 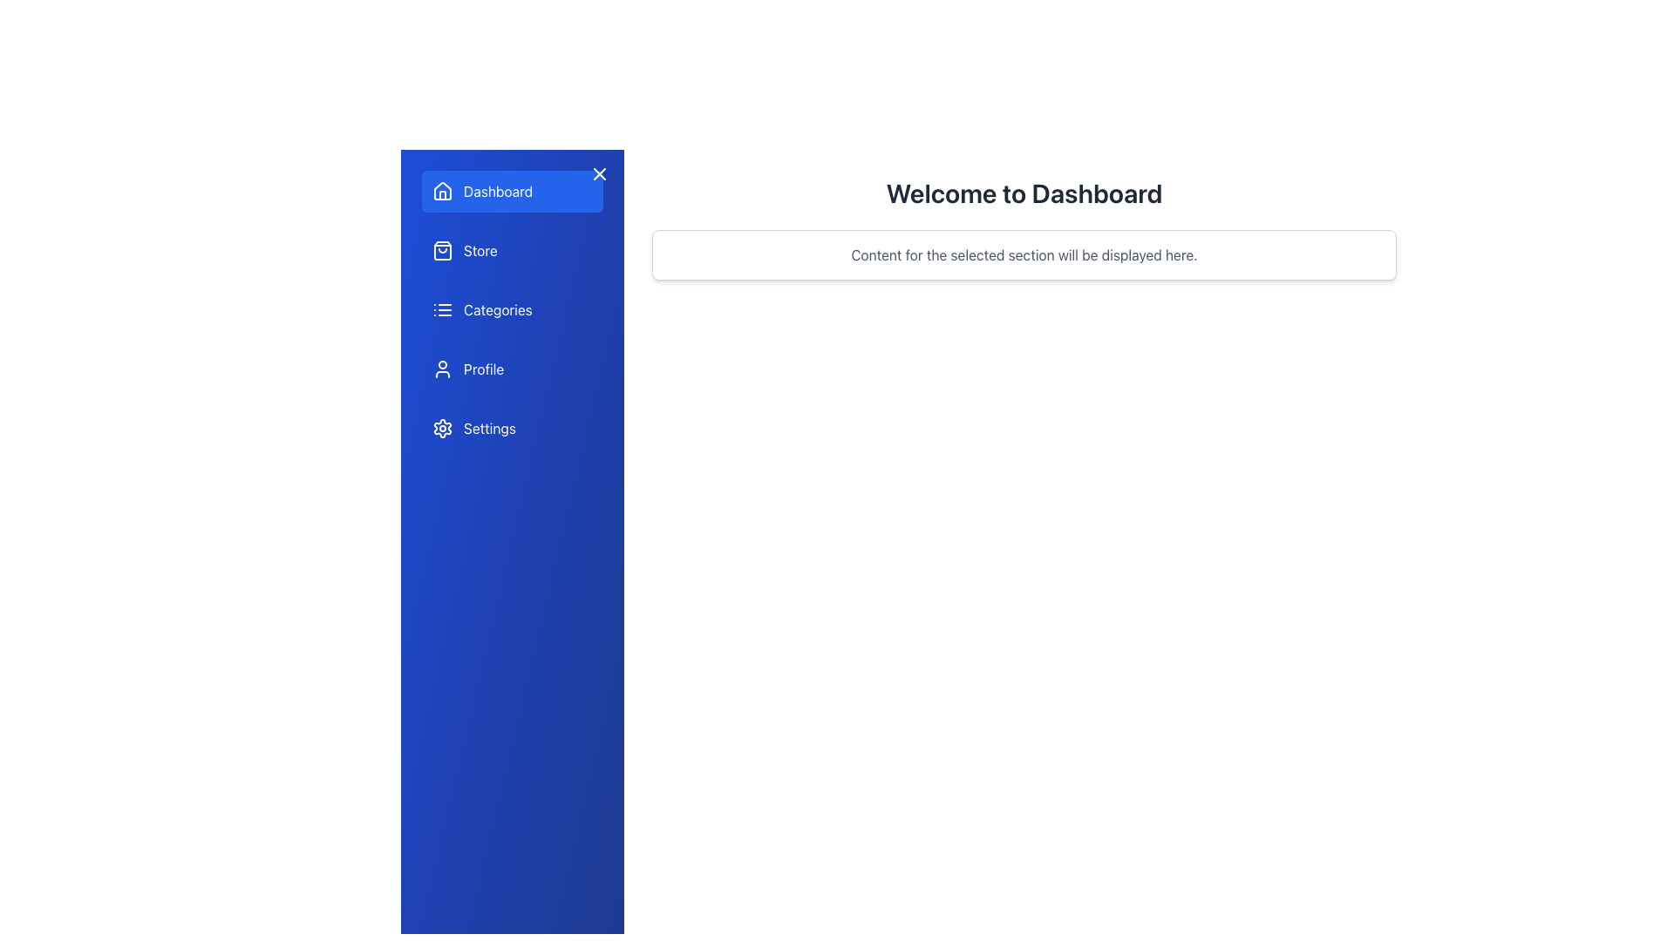 I want to click on textual information of the 'Profile' label component, which is styled in white on a blue background and is located next to a user profile icon in the vertical navigation menu, so click(x=484, y=369).